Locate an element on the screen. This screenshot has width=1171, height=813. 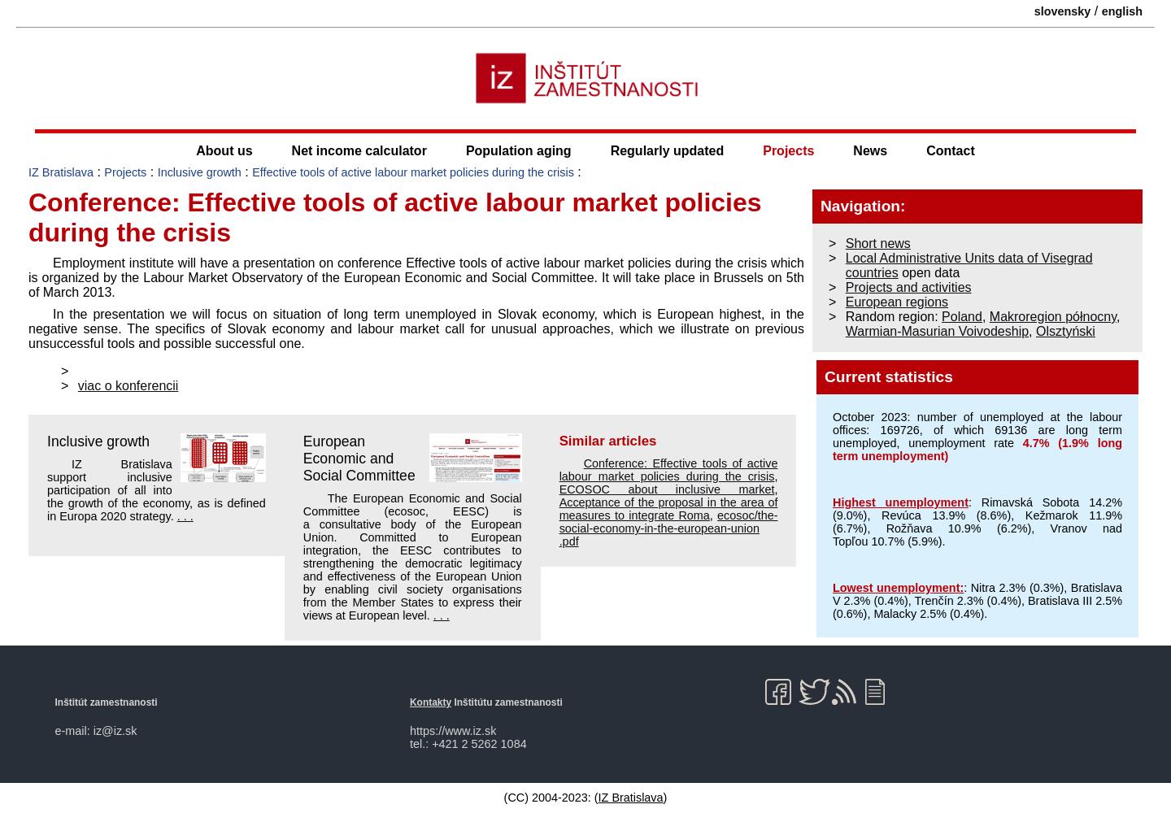
'Current statistics' is located at coordinates (887, 375).